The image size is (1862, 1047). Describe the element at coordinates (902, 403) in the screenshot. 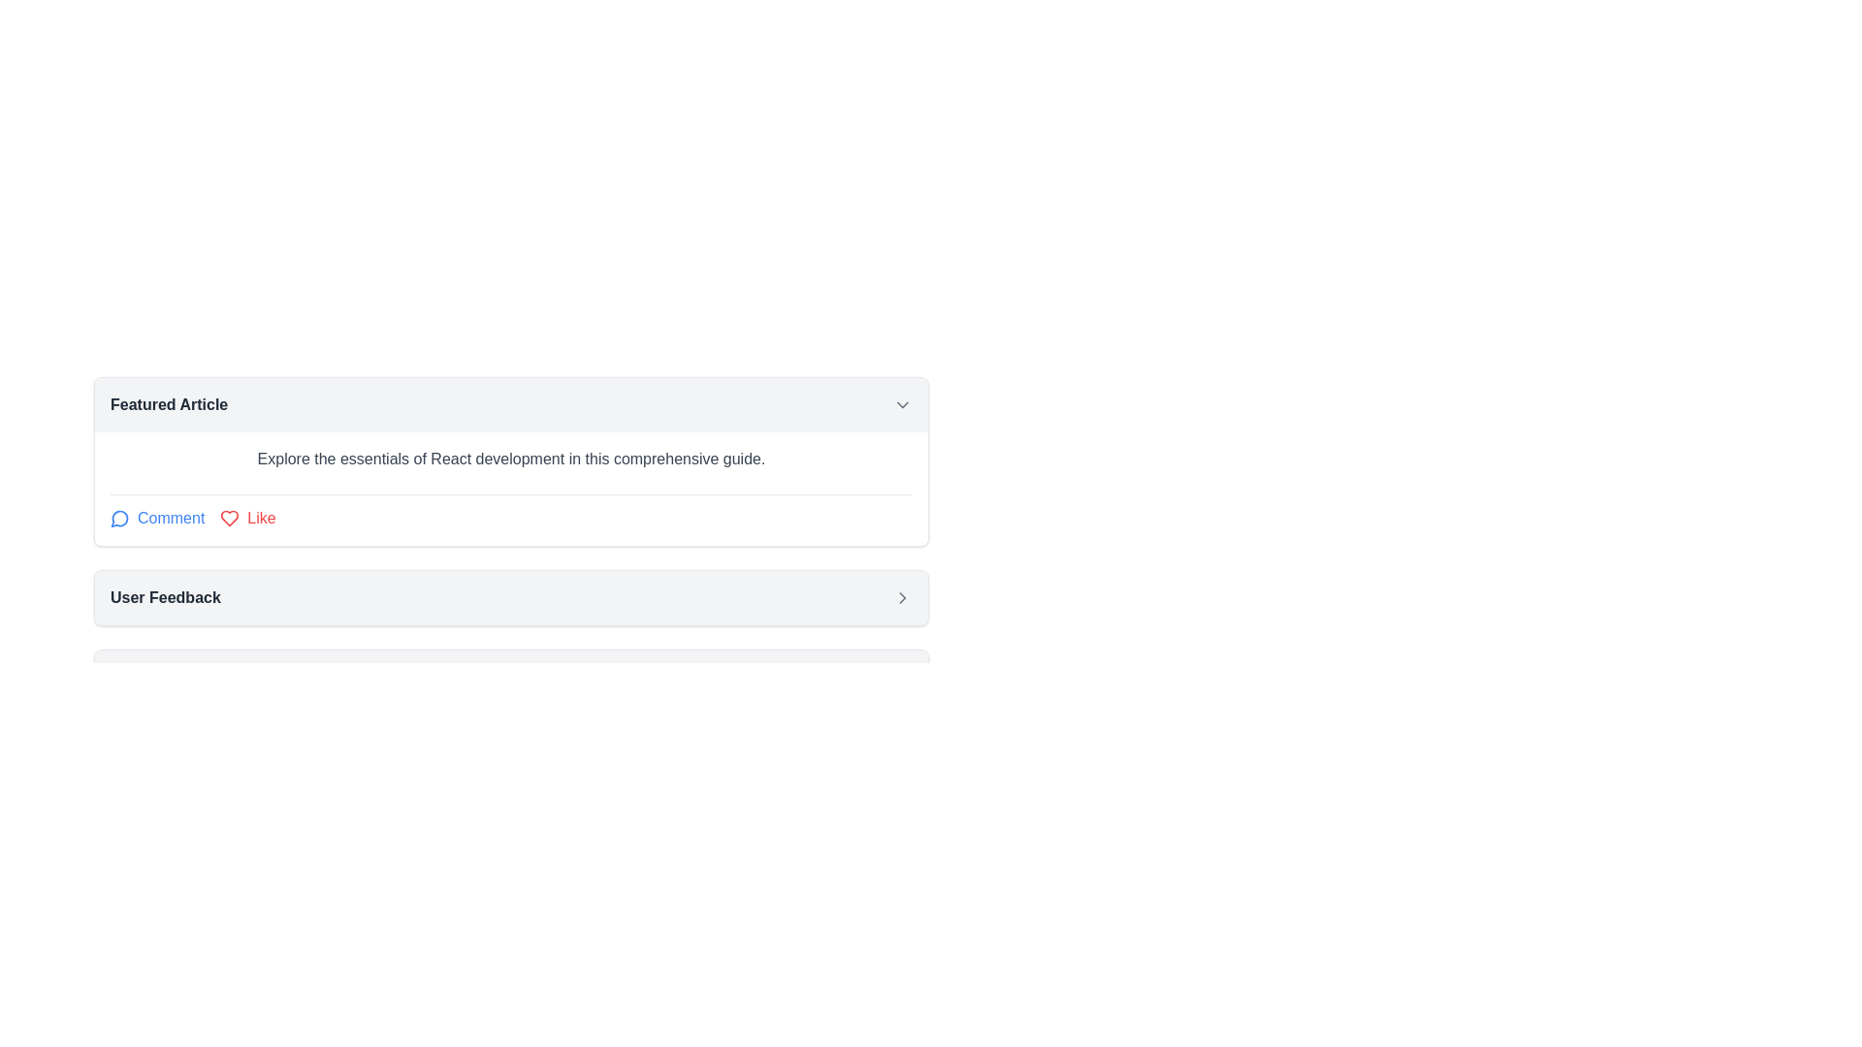

I see `the downward-pointing gray chevron icon located at the far right of the 'Featured Article' horizontal bar` at that location.